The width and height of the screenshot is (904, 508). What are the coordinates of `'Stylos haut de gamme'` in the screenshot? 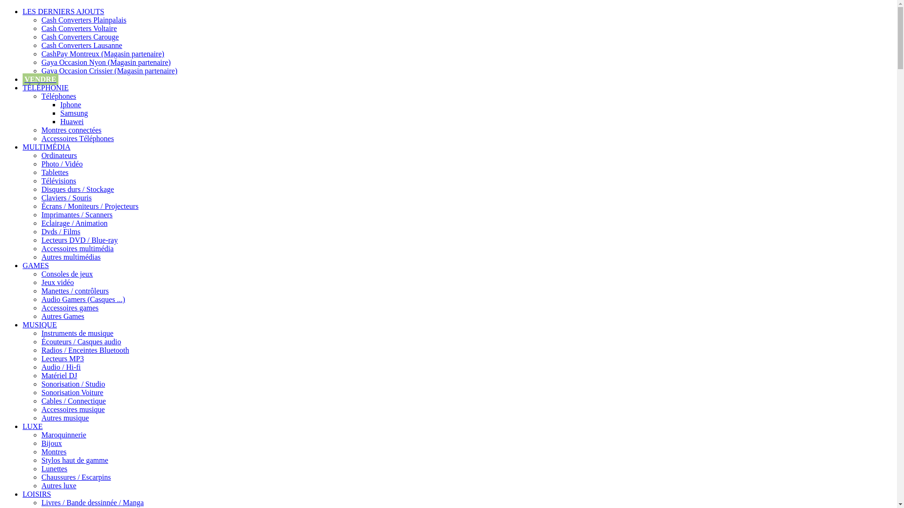 It's located at (74, 460).